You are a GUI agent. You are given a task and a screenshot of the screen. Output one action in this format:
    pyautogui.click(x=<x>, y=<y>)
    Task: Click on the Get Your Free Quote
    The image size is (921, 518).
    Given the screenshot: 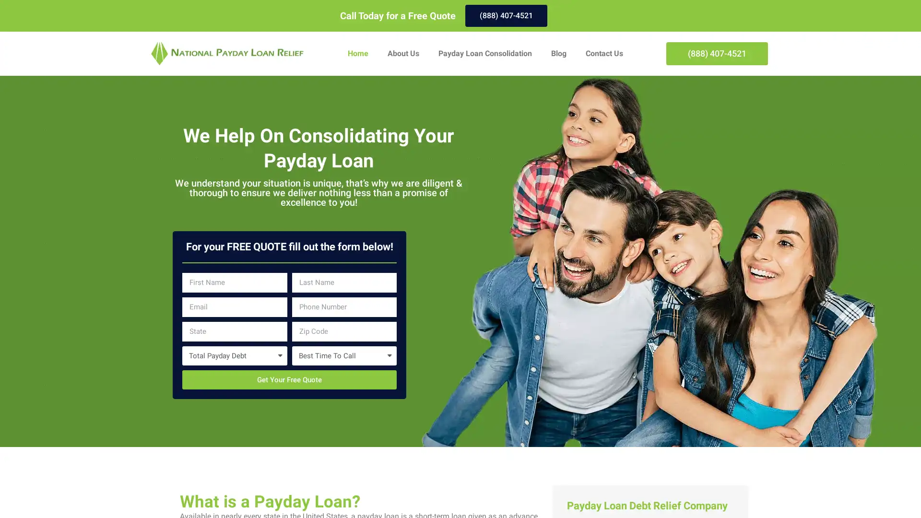 What is the action you would take?
    pyautogui.click(x=289, y=379)
    